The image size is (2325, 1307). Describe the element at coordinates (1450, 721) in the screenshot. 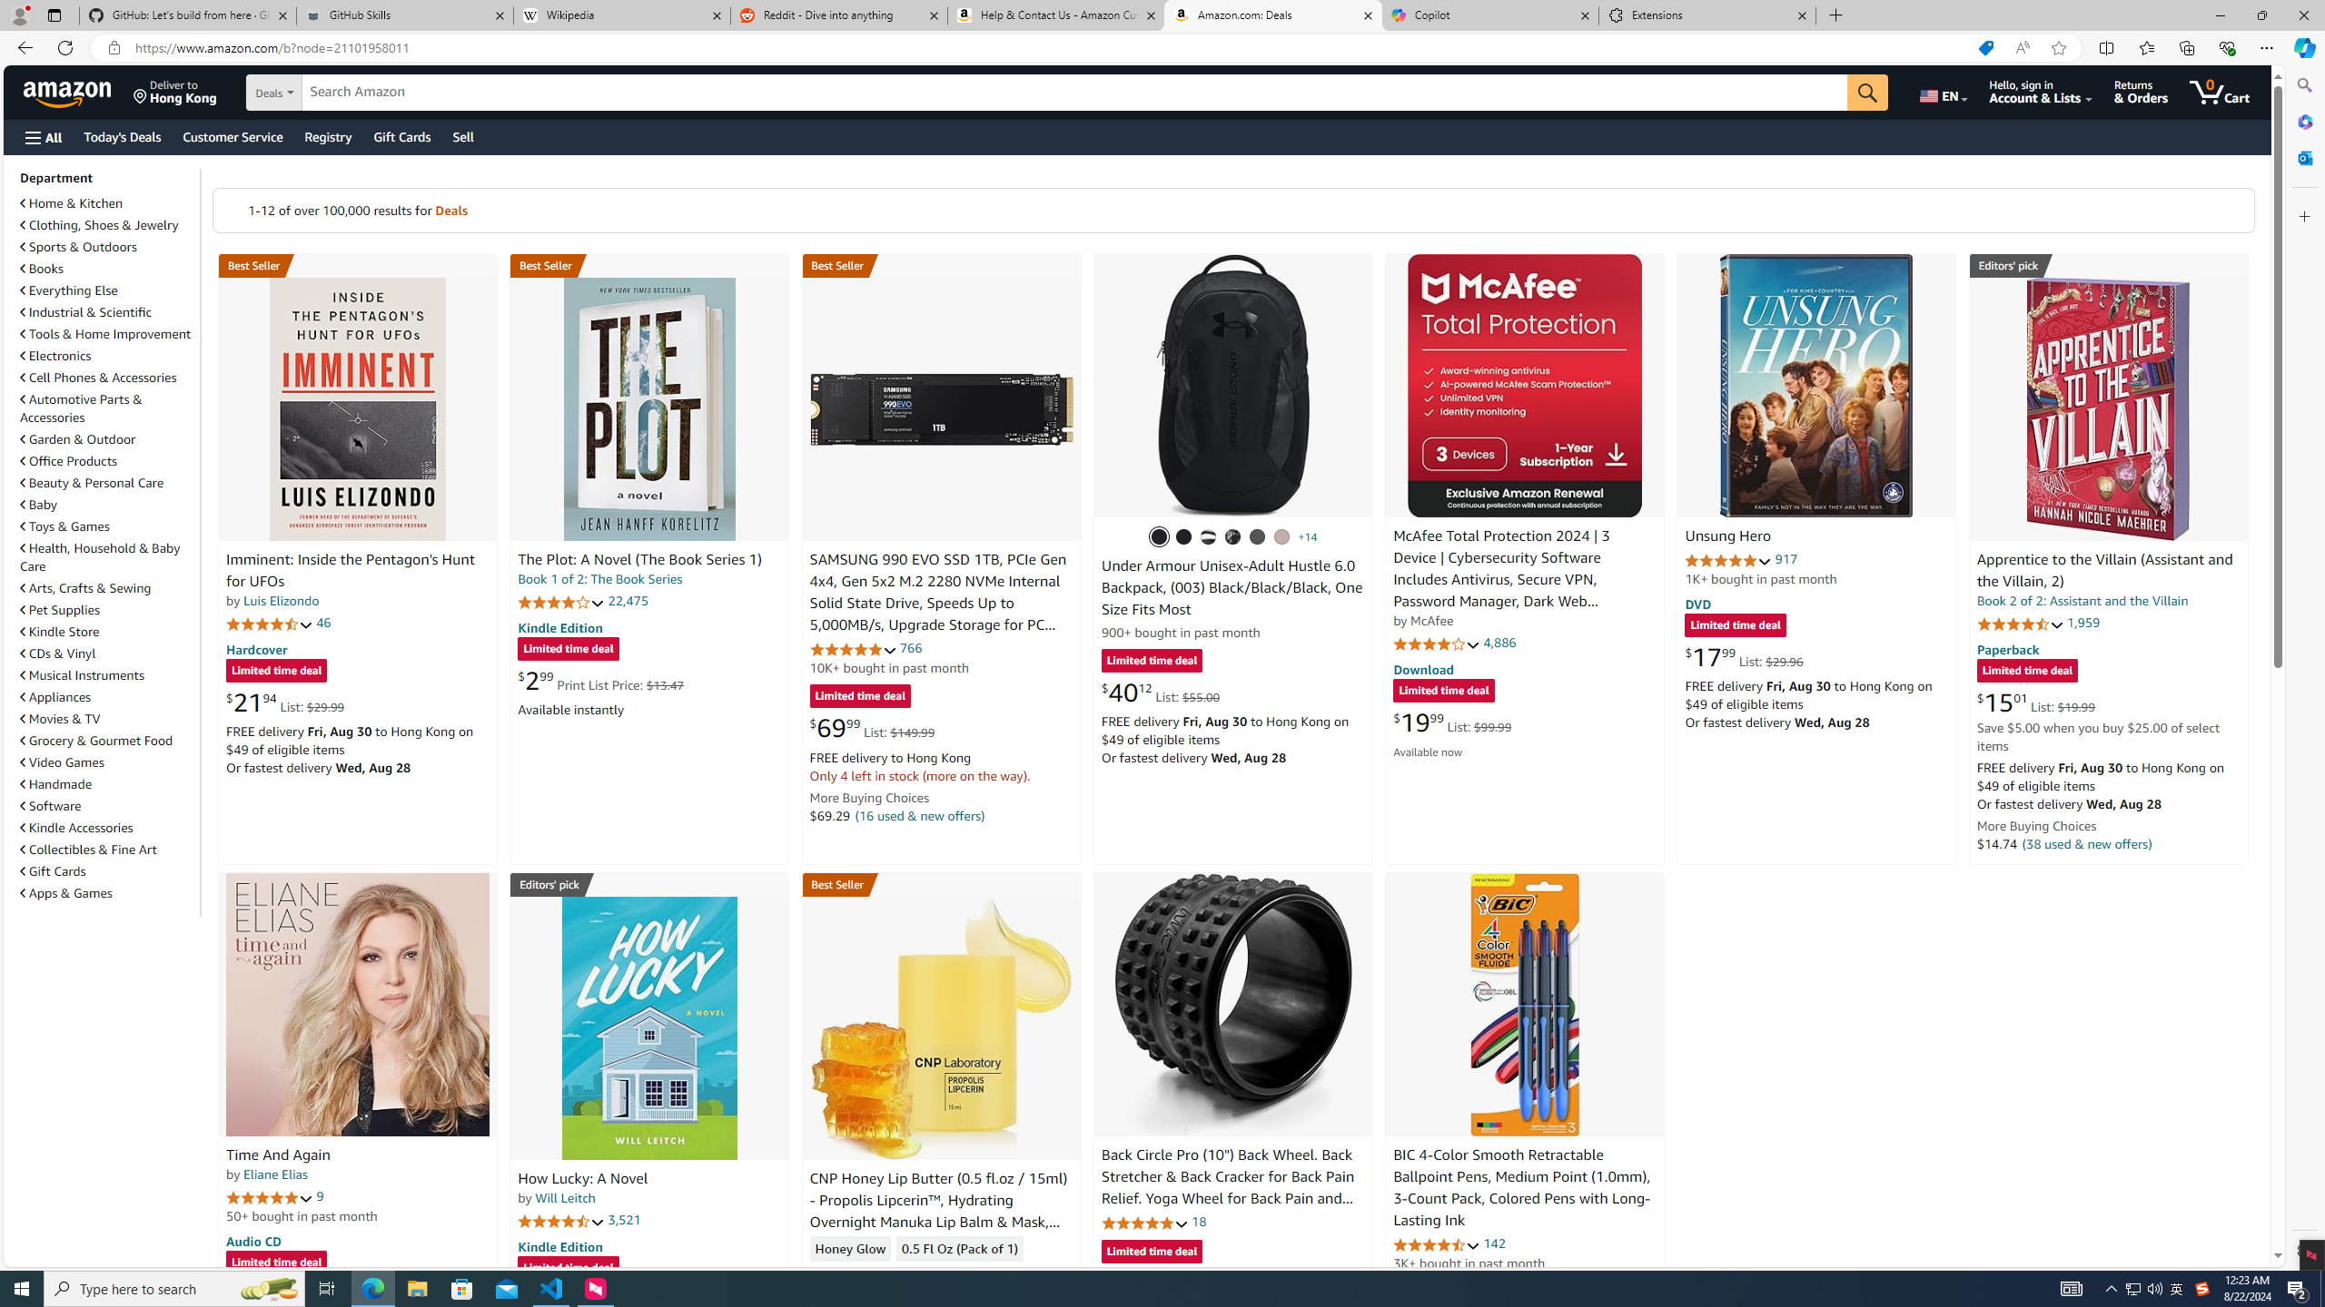

I see `'$19.99 List: $99.99'` at that location.